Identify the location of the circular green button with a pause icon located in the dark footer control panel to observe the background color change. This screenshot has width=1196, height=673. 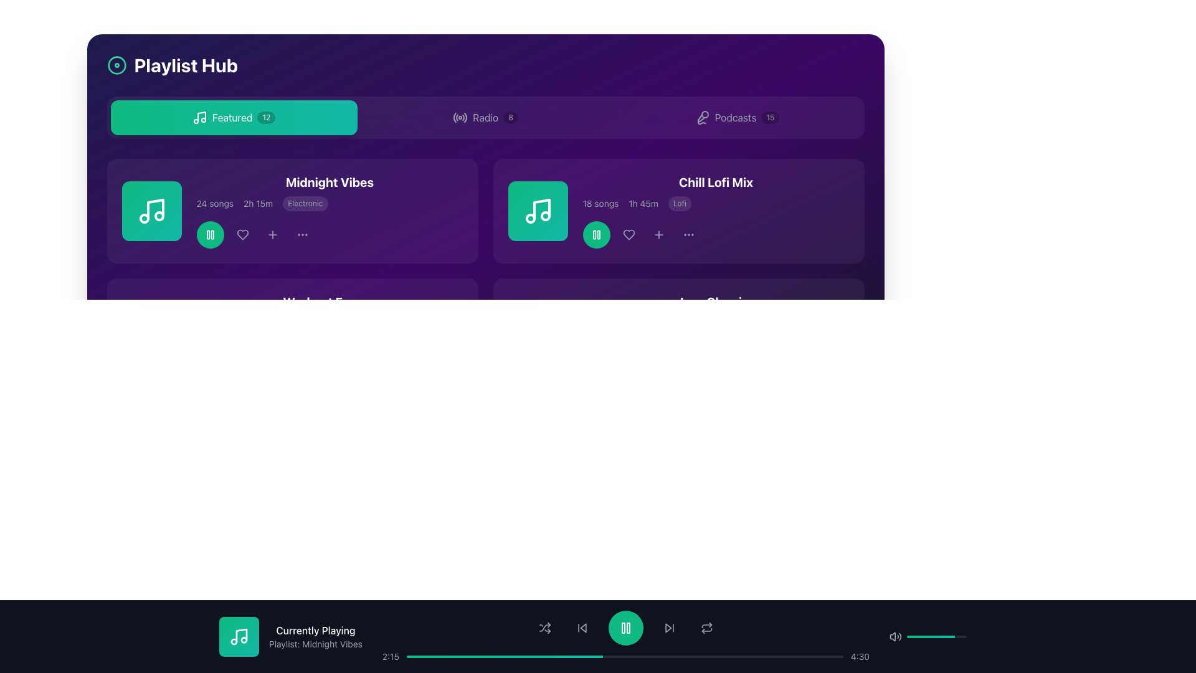
(625, 628).